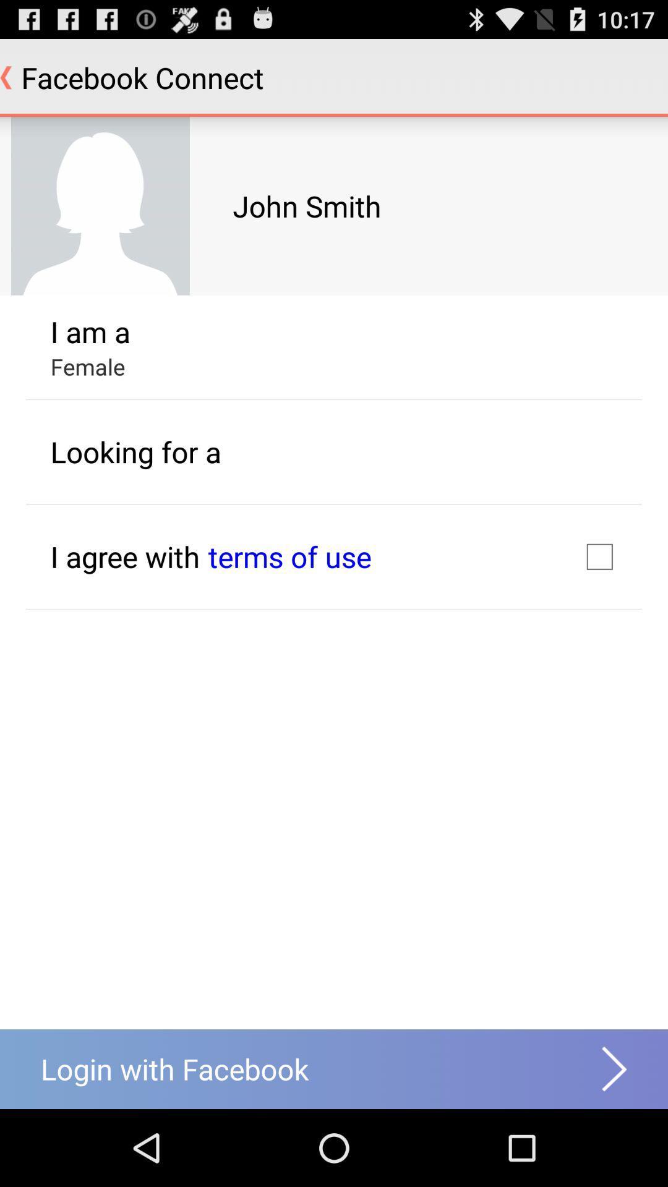 The image size is (668, 1187). I want to click on the app below the i am a app, so click(87, 366).